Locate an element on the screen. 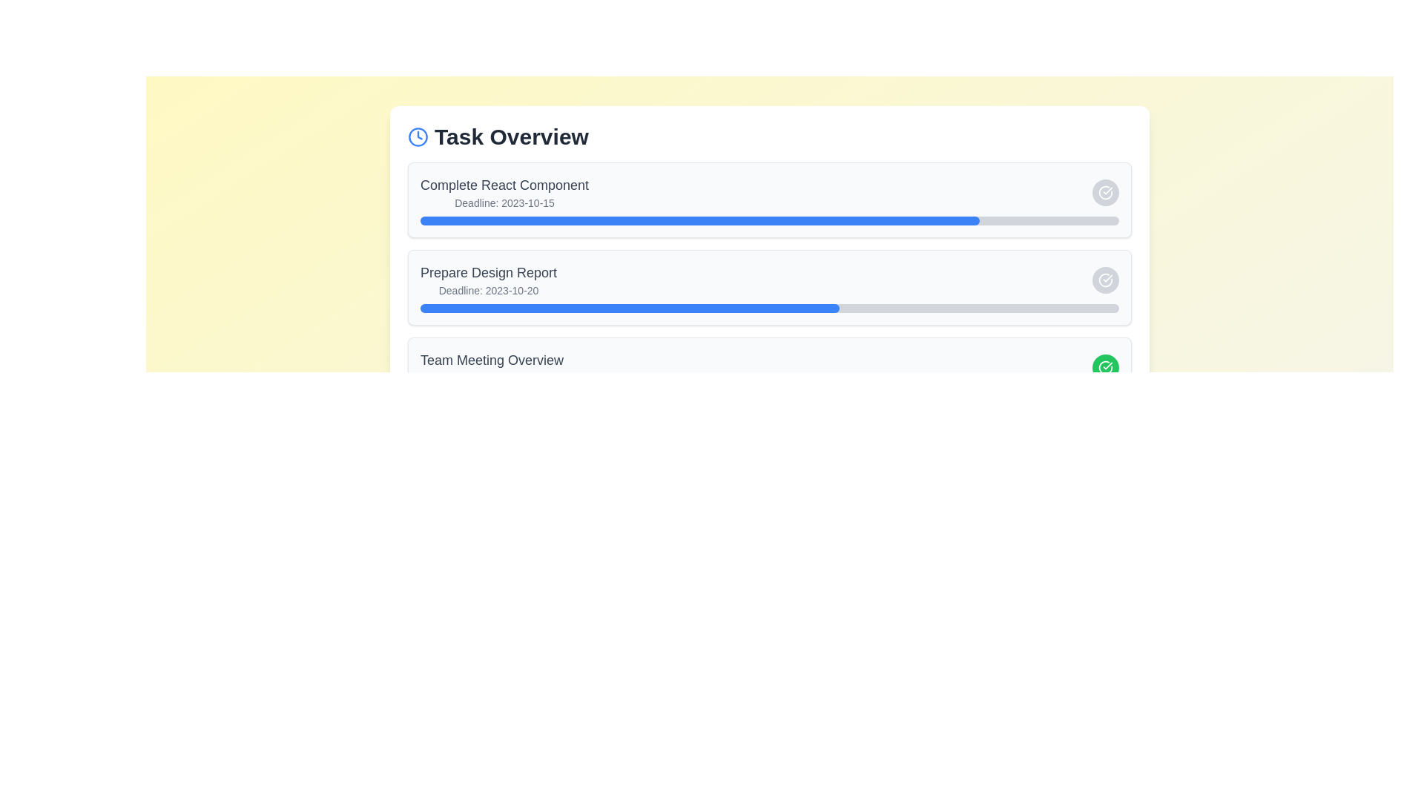 The width and height of the screenshot is (1424, 801). the completion button located to the far right of the 'Prepare Design Report' task row to mark the task as completed is located at coordinates (1106, 280).